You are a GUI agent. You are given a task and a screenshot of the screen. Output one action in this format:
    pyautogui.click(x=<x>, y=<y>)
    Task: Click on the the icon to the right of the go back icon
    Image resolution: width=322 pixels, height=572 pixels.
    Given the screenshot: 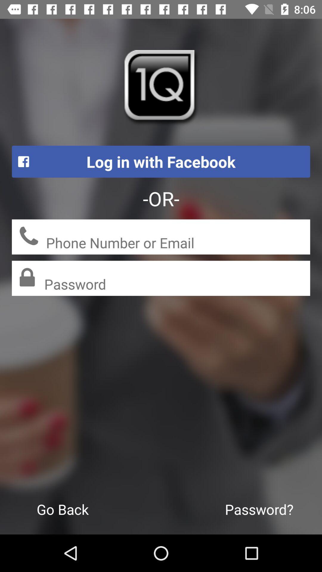 What is the action you would take?
    pyautogui.click(x=259, y=509)
    